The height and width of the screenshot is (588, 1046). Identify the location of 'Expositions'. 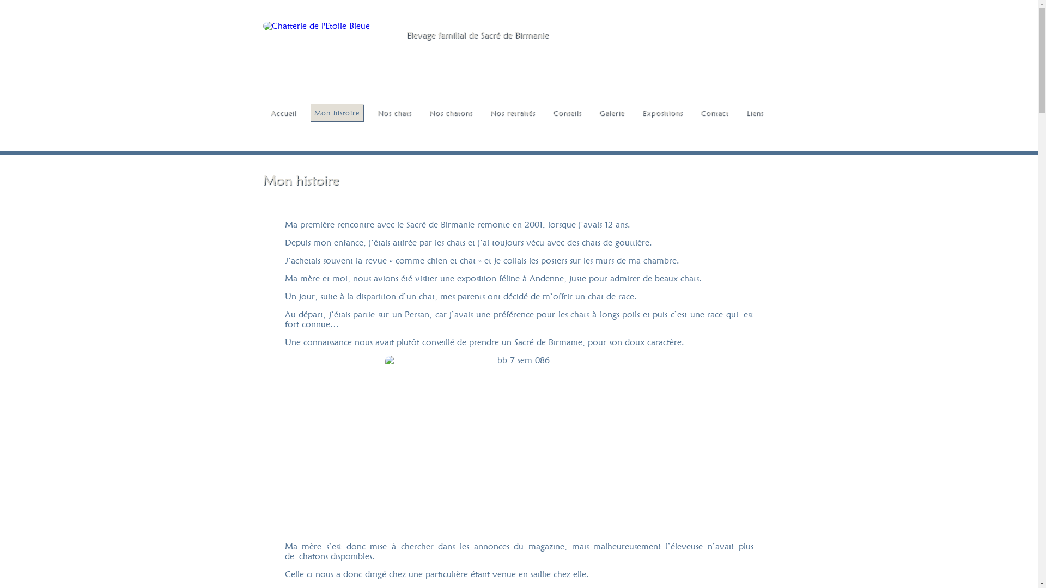
(661, 113).